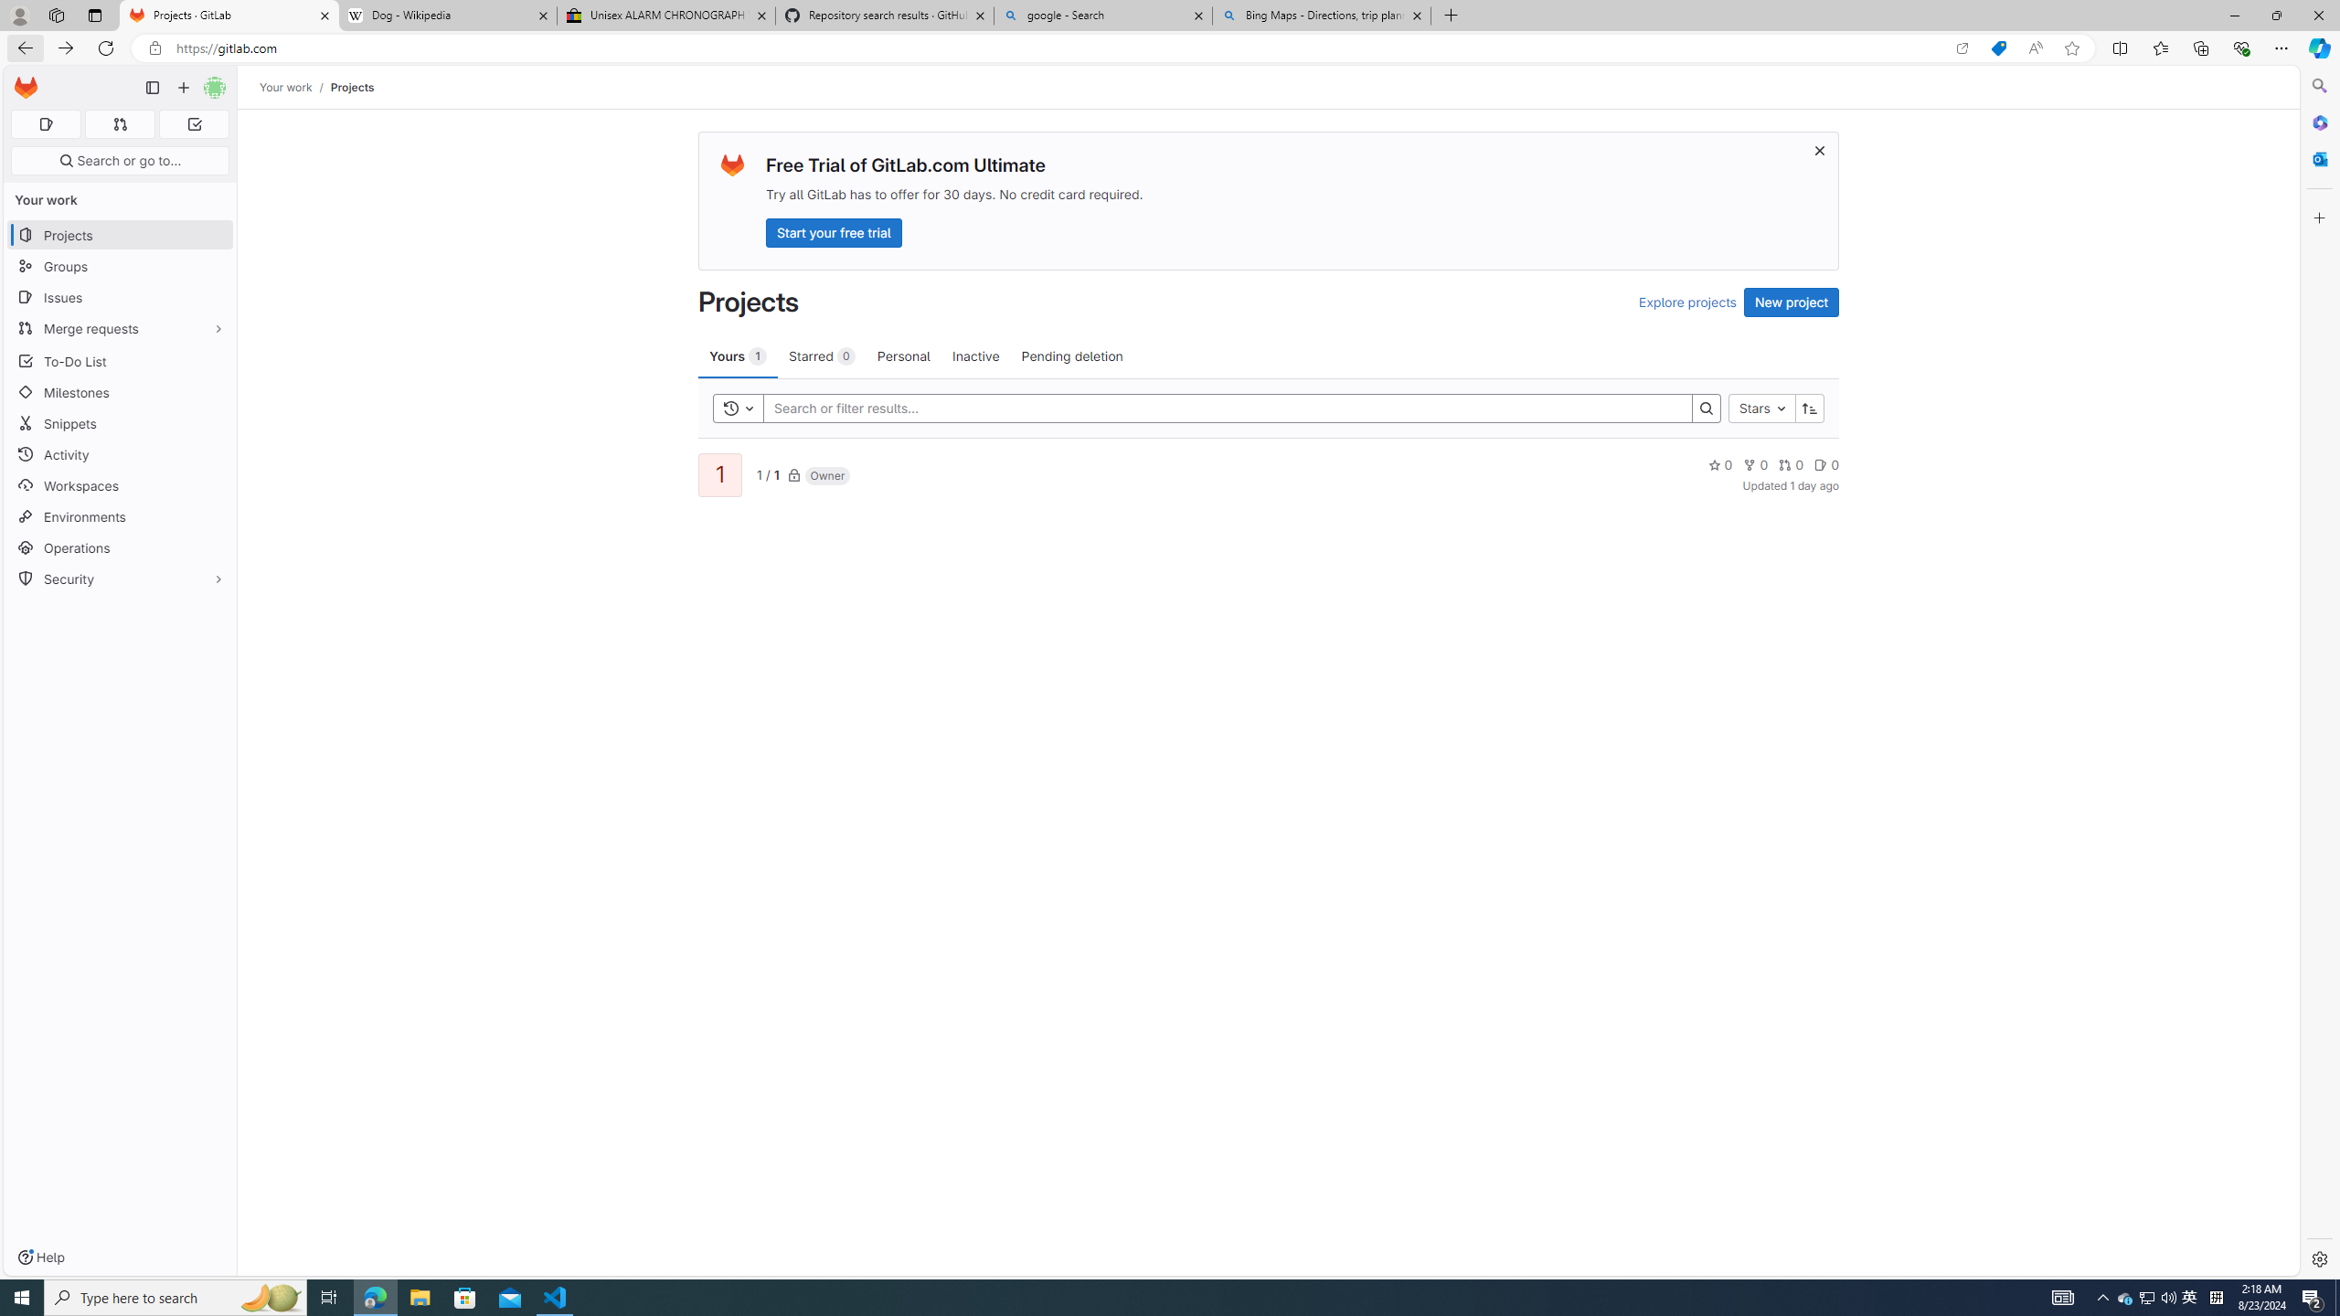 This screenshot has height=1316, width=2340. Describe the element at coordinates (1761, 409) in the screenshot. I see `'Stars'` at that location.